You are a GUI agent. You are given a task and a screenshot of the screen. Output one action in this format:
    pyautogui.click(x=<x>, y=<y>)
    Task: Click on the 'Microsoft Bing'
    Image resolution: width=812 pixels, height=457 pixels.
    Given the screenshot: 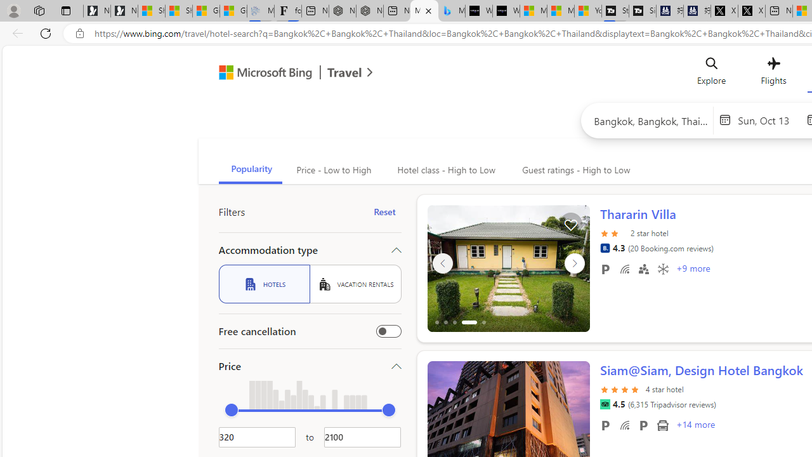 What is the action you would take?
    pyautogui.click(x=259, y=74)
    